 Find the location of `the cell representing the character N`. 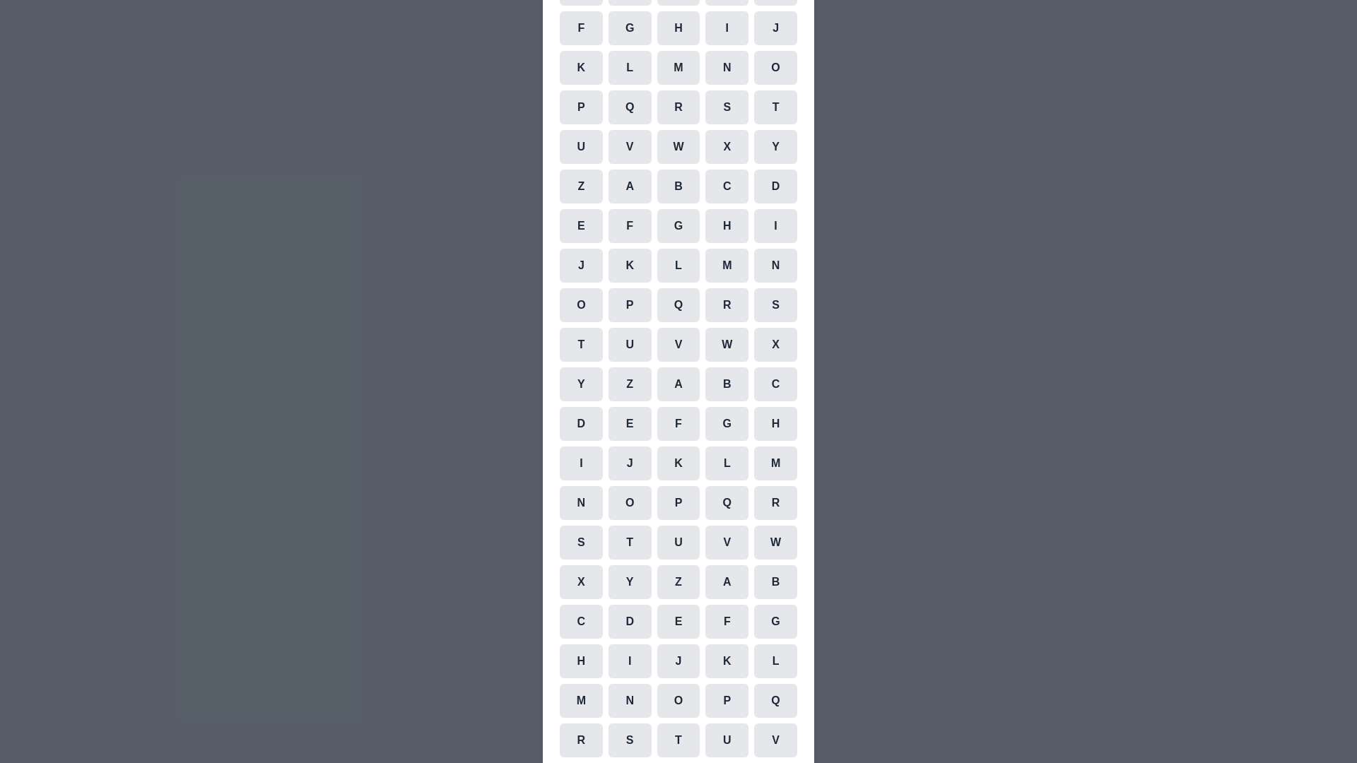

the cell representing the character N is located at coordinates (727, 68).